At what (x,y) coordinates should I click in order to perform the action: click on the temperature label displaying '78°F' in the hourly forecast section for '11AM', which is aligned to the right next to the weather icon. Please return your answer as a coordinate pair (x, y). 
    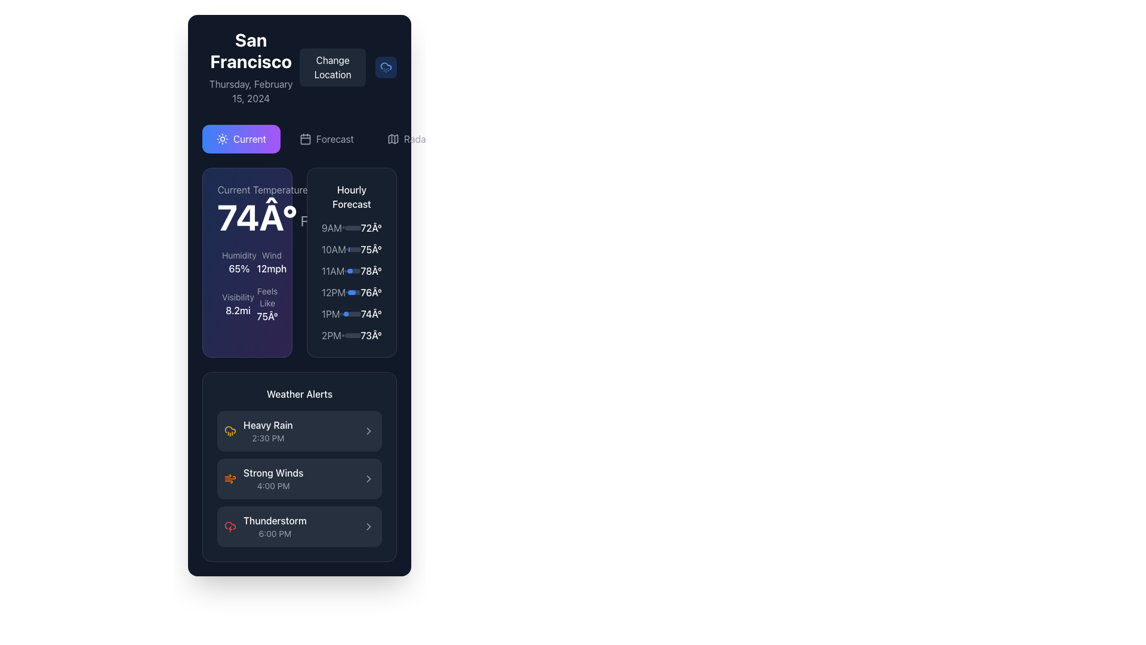
    Looking at the image, I should click on (371, 271).